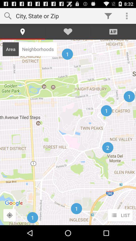 This screenshot has height=241, width=136. Describe the element at coordinates (38, 49) in the screenshot. I see `icon next to area item` at that location.